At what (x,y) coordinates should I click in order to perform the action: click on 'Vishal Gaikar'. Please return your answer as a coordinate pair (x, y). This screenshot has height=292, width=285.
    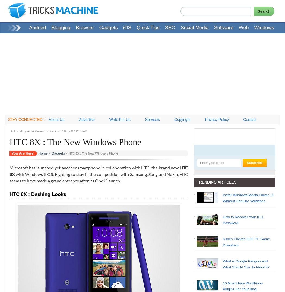
    Looking at the image, I should click on (35, 131).